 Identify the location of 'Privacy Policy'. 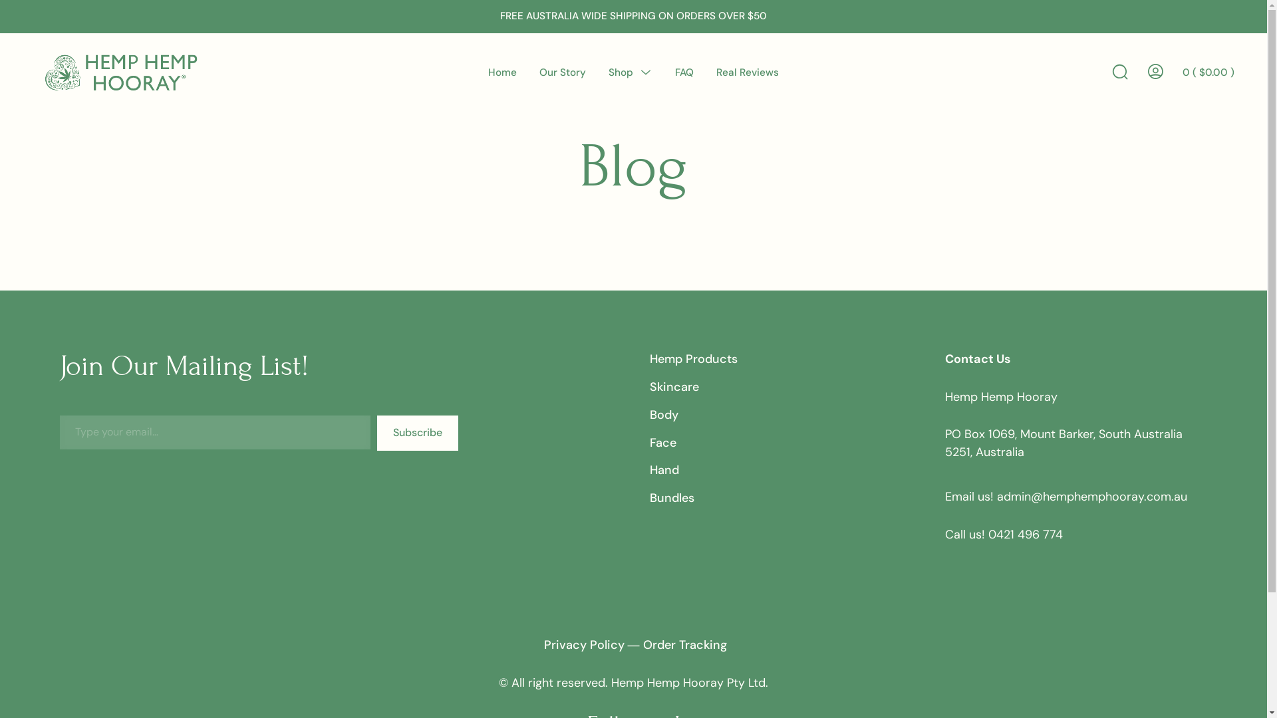
(584, 644).